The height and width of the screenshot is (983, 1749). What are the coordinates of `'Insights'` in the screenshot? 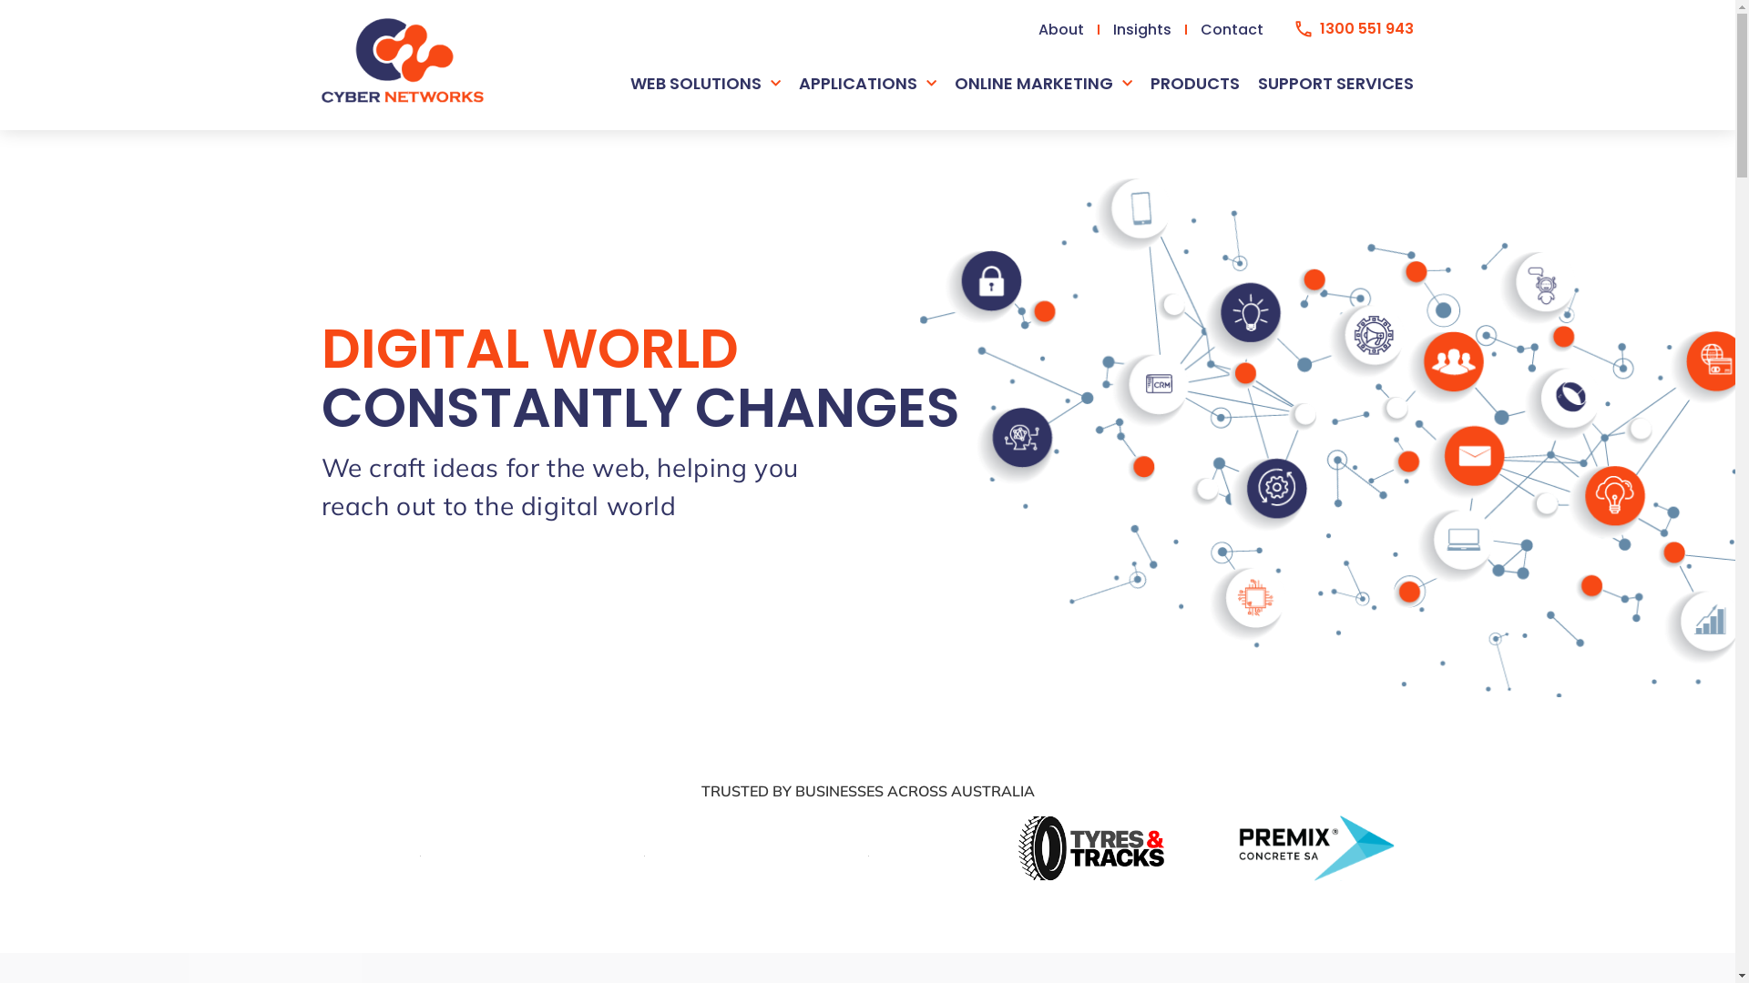 It's located at (1141, 28).